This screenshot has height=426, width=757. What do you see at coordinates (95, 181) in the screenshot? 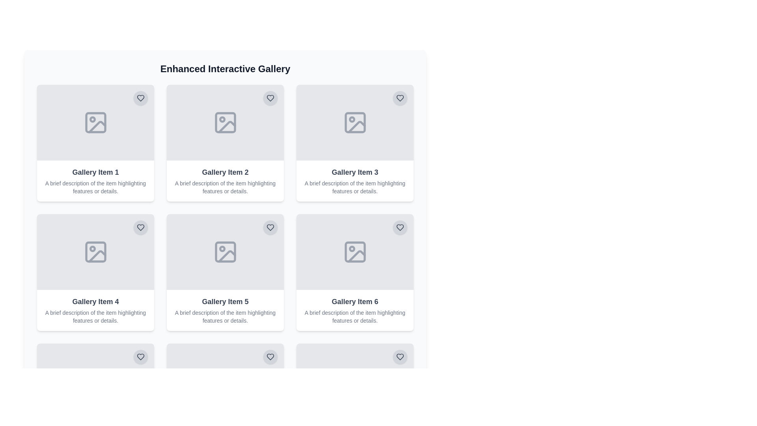
I see `the text block that contains the bold title 'Gallery Item 1' and its description in a three-column gallery layout` at bounding box center [95, 181].